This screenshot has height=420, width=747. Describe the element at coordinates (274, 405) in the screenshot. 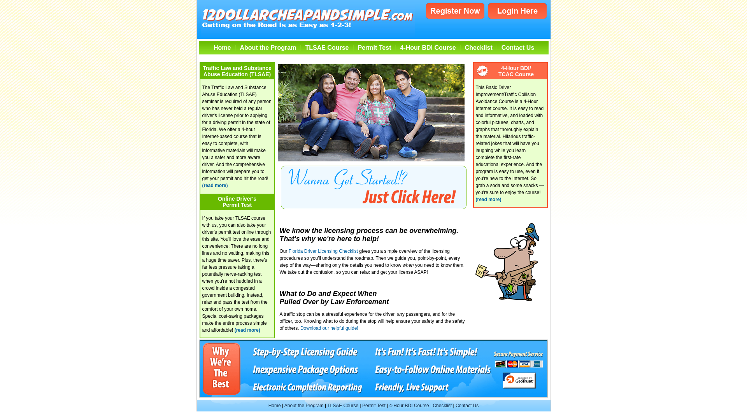

I see `'Home'` at that location.